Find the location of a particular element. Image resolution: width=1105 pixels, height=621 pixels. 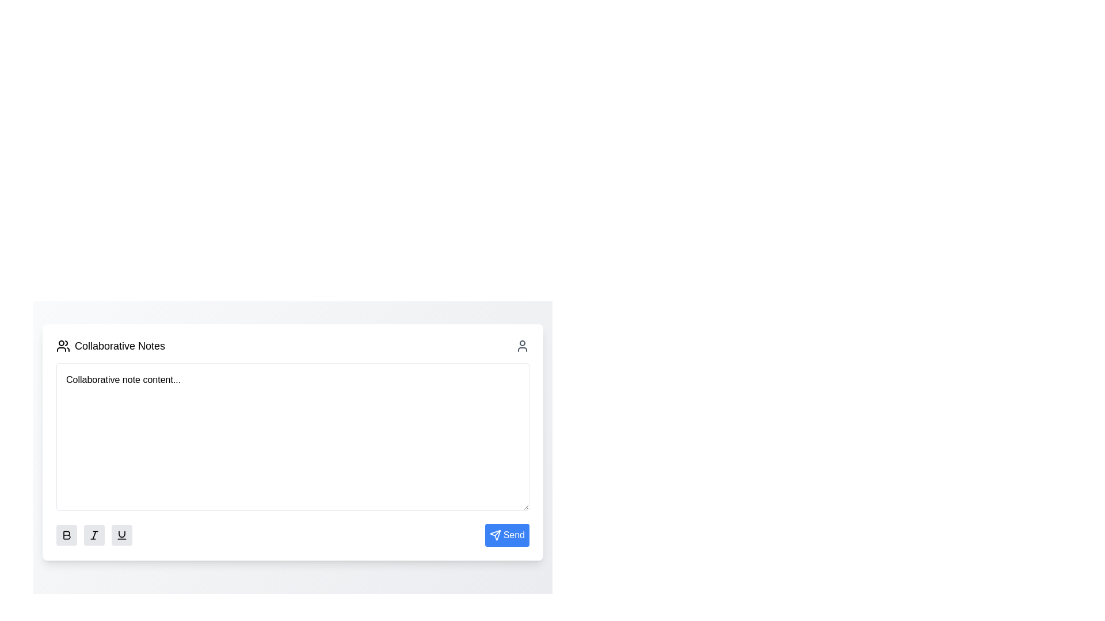

the SVG icon representing a group of users, which is located to the left of the 'Collaborative Notes' label is located at coordinates (63, 345).